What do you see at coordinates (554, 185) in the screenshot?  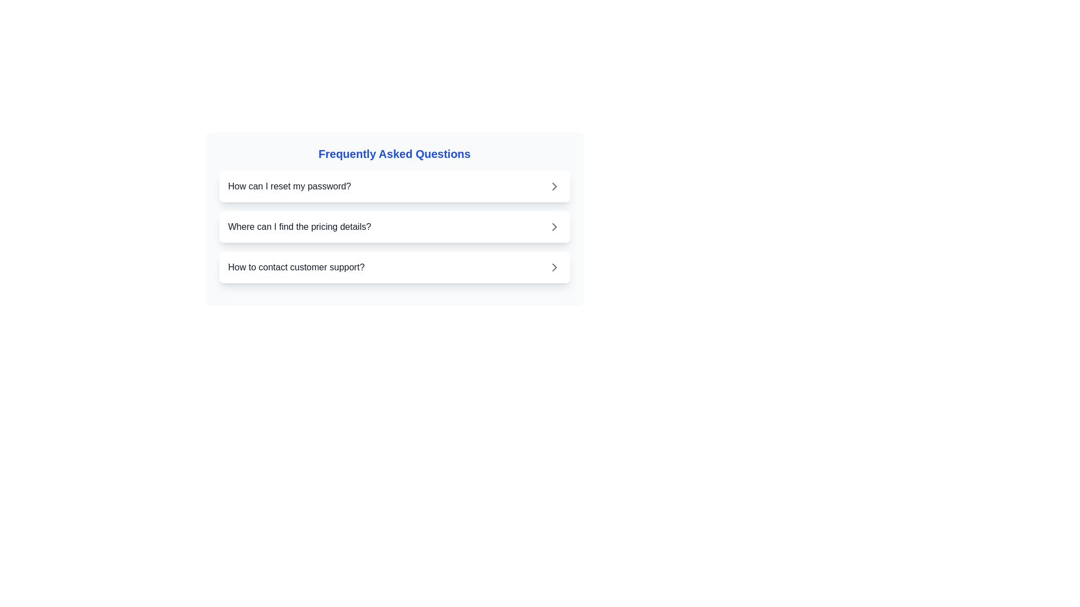 I see `the Chevron Right icon, which is a grey arrow pointing to the right, located to the right of the text 'How can I reset my password?'` at bounding box center [554, 185].